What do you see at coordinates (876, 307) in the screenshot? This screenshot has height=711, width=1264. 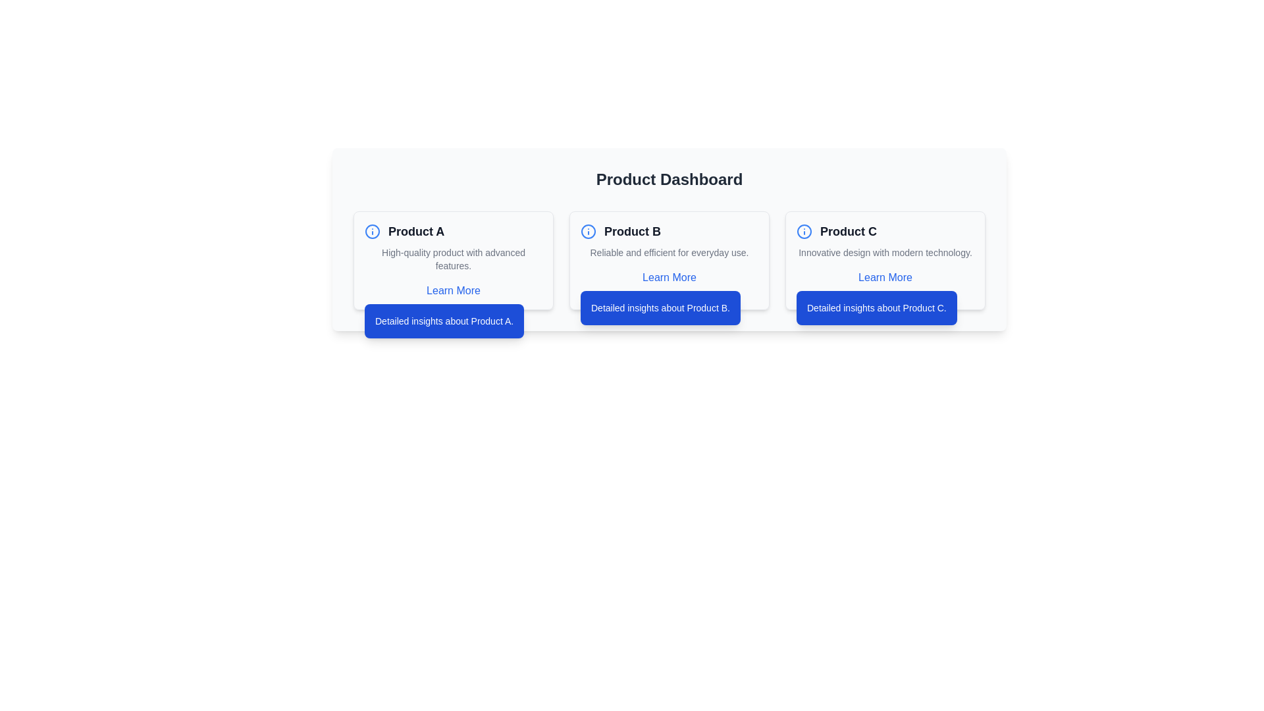 I see `the tooltip with a blue background and white text reading 'Detailed insights about Product C.' positioned below the 'Learn More' link for Product C` at bounding box center [876, 307].